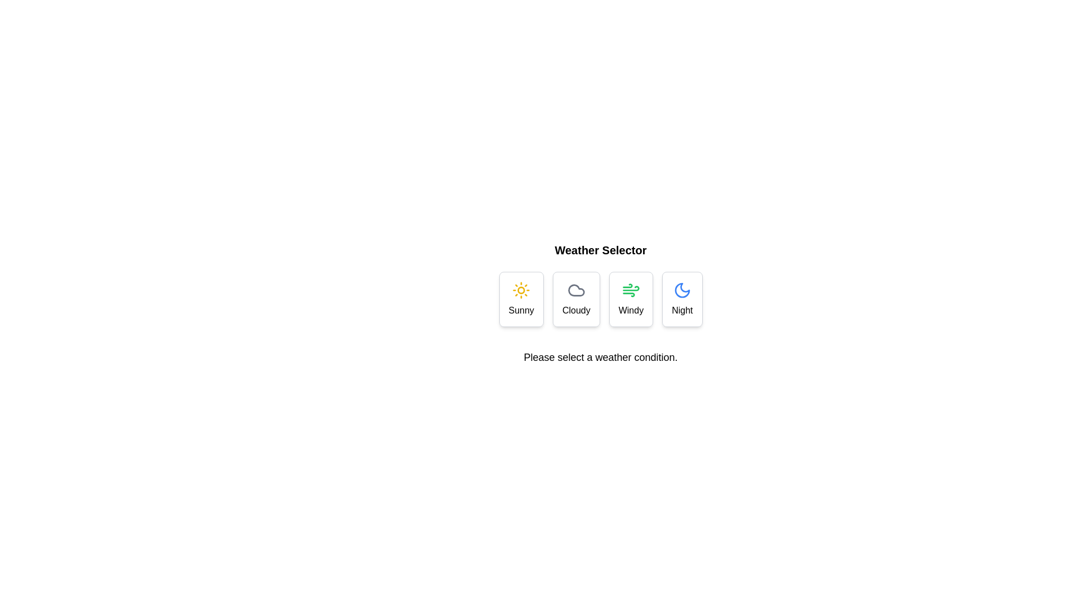 The width and height of the screenshot is (1082, 609). I want to click on the 'Cloudy' weather condition icon located in the second selectable option of the weather selector group below the 'Weather Selector' label, so click(576, 289).